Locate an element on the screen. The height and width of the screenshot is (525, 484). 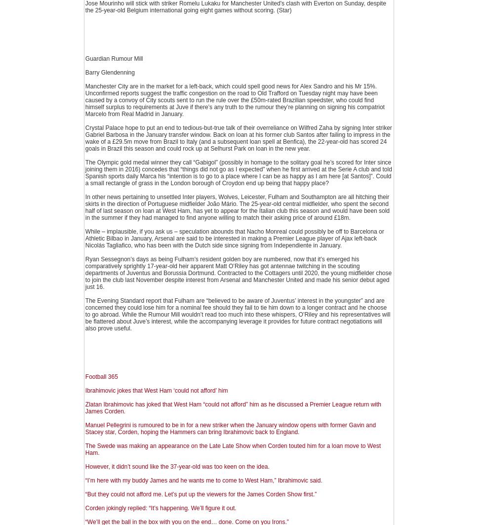
'Jose Mourinho will stick with striker Romelu Lukaku for Manchester United's clash with Everton on Sunday, despite the 25-year-old Belgium international going eight games without scoring. (Star)' is located at coordinates (235, 7).